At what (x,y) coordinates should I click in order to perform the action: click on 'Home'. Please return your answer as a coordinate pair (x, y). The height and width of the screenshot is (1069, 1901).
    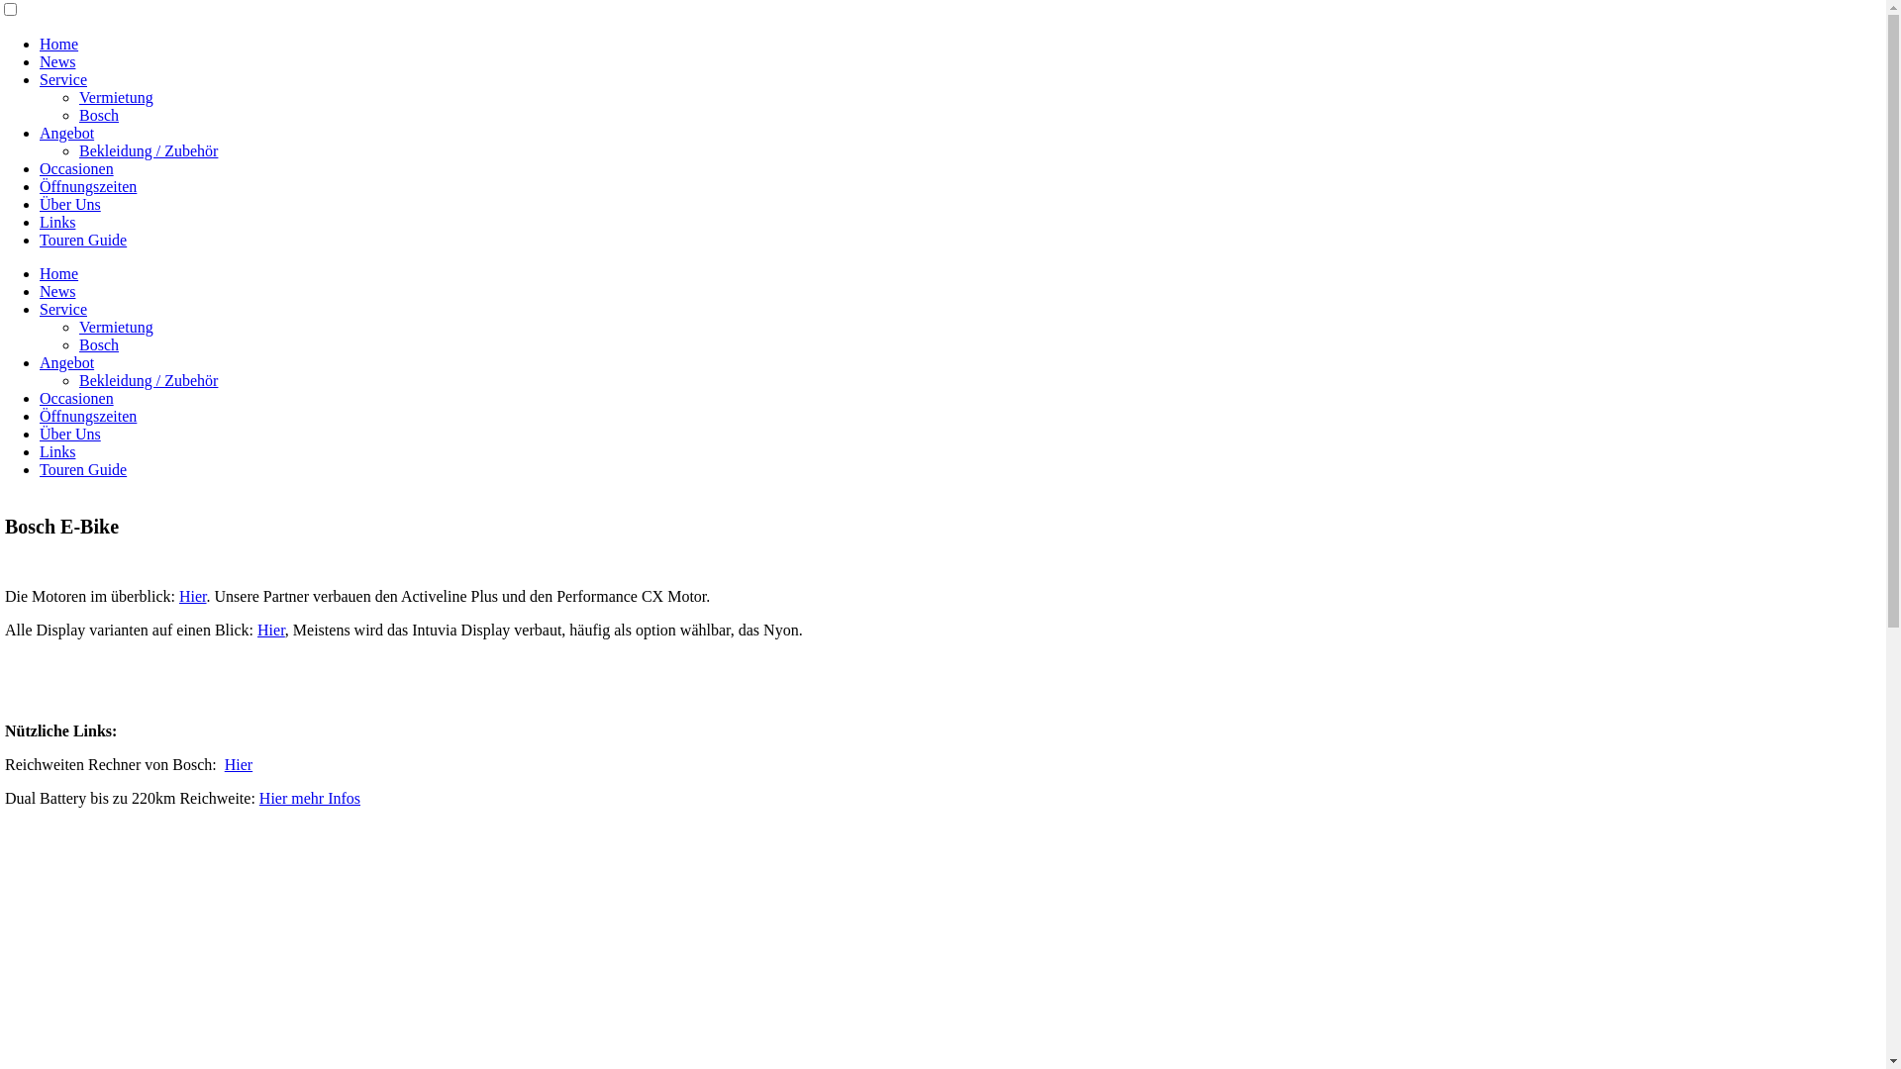
    Looking at the image, I should click on (58, 44).